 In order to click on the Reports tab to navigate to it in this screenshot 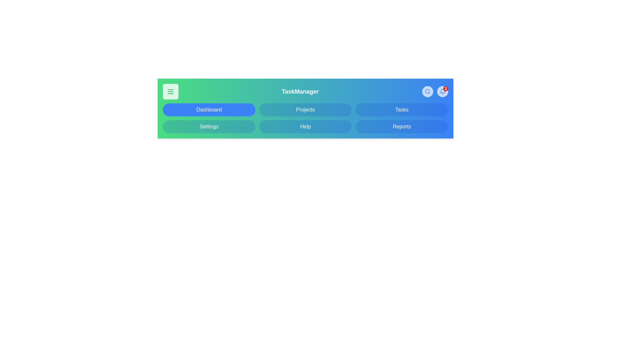, I will do `click(401, 126)`.